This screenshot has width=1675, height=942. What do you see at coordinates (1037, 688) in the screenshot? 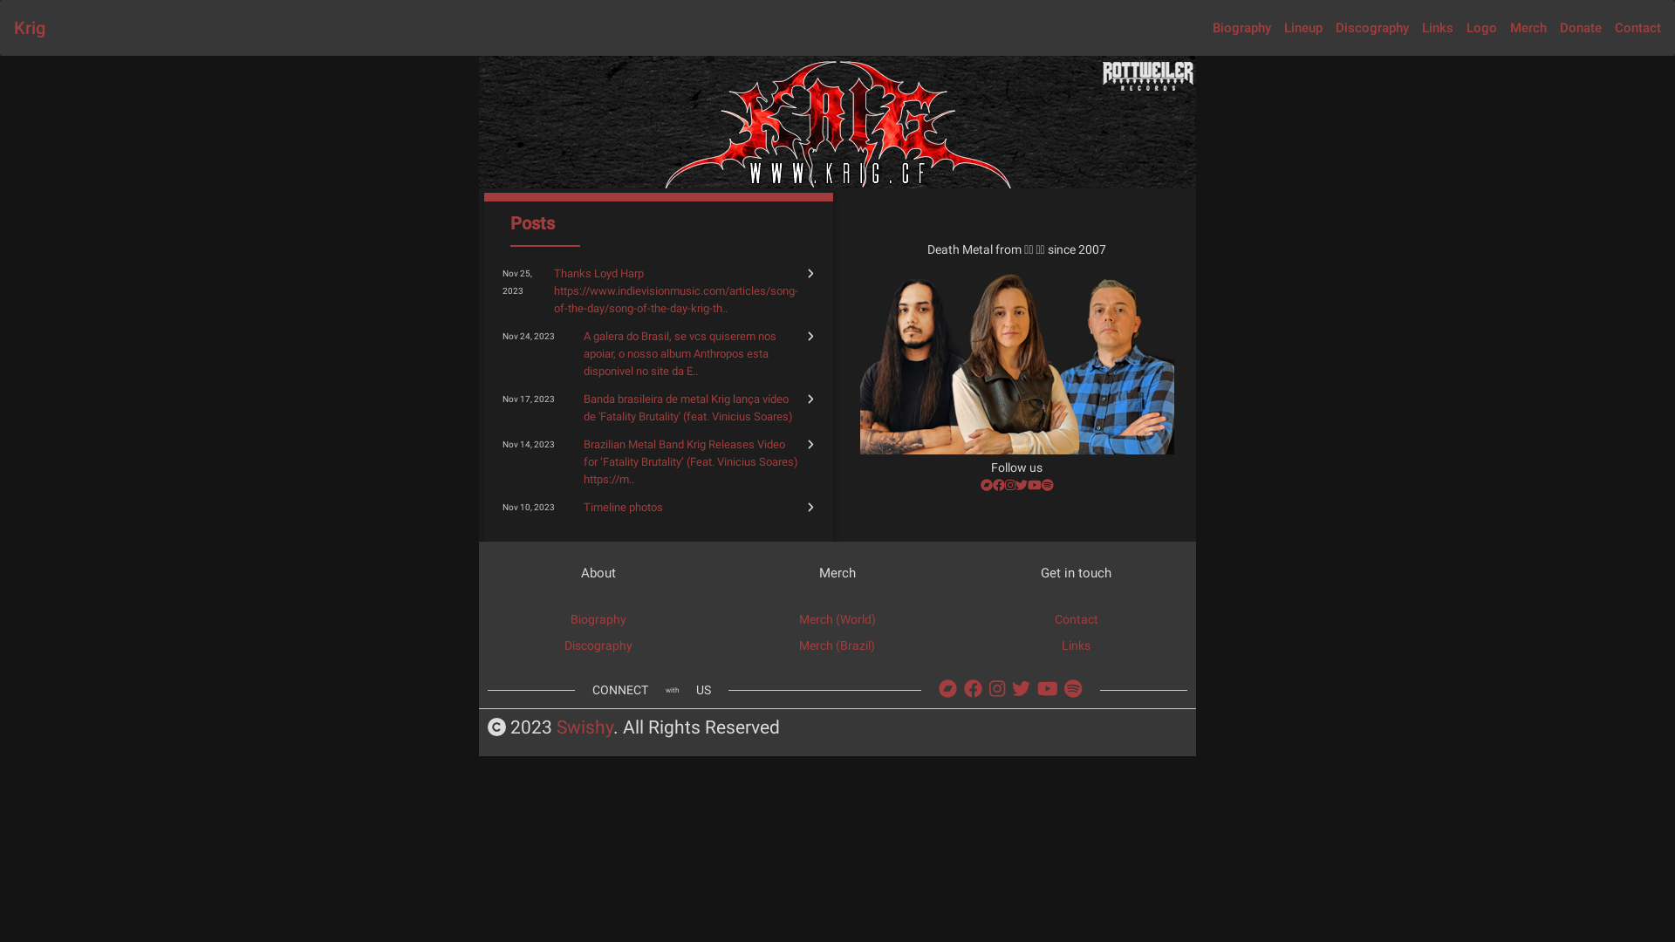
I see `'Youtube'` at bounding box center [1037, 688].